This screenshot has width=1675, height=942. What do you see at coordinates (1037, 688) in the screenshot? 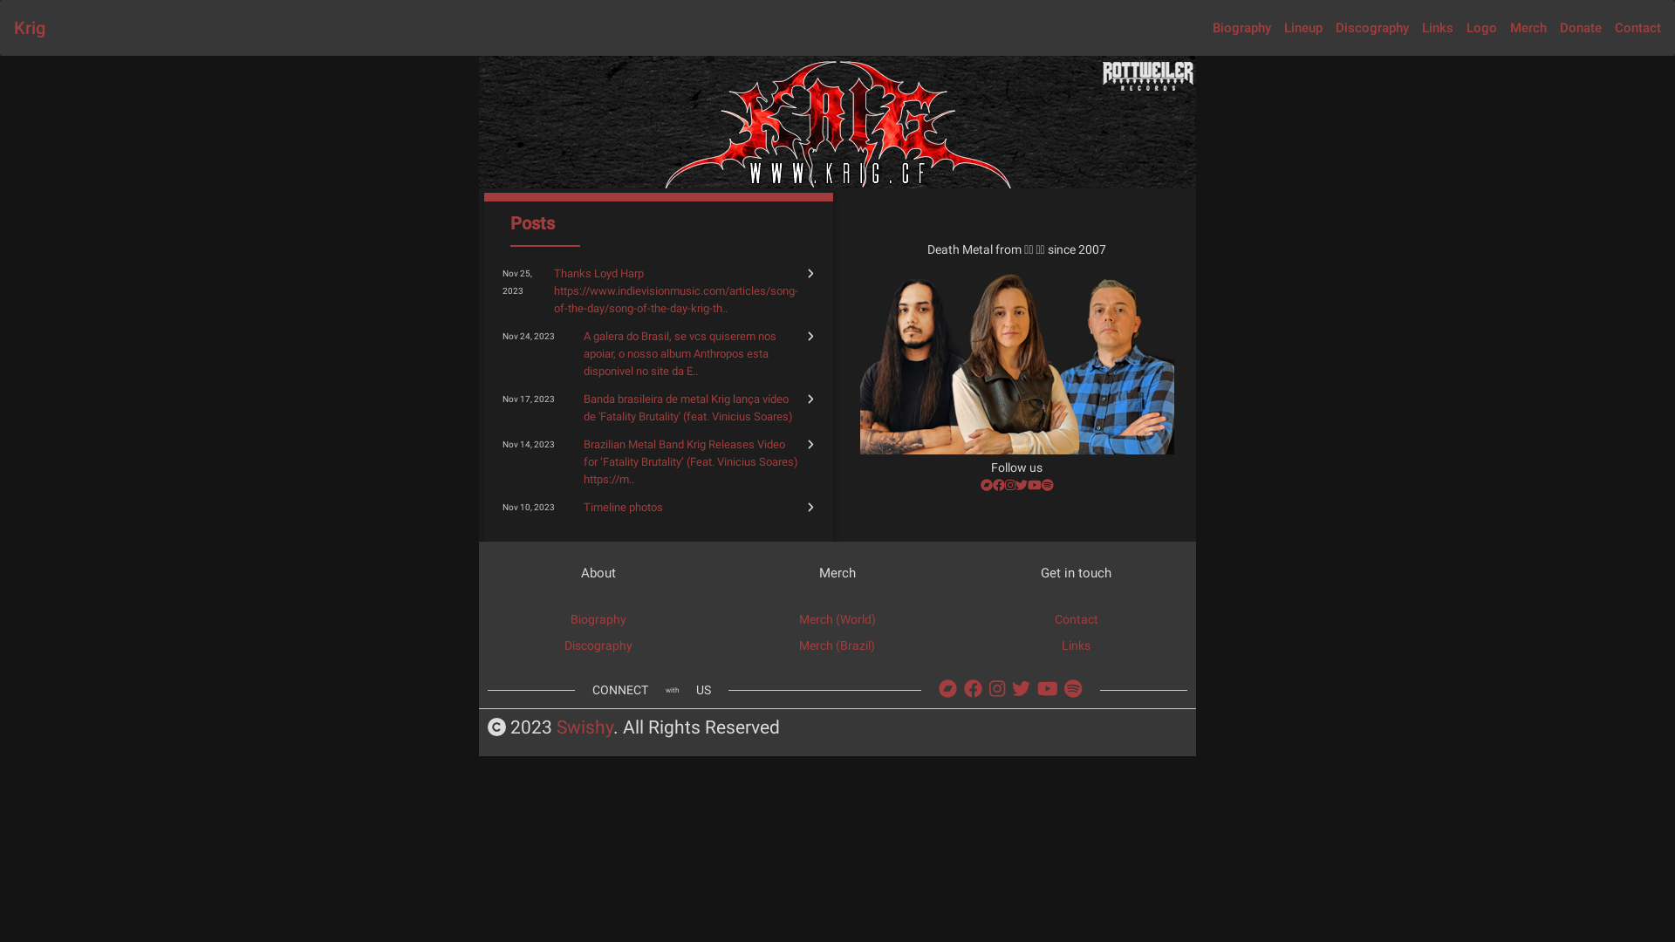
I see `'Youtube'` at bounding box center [1037, 688].